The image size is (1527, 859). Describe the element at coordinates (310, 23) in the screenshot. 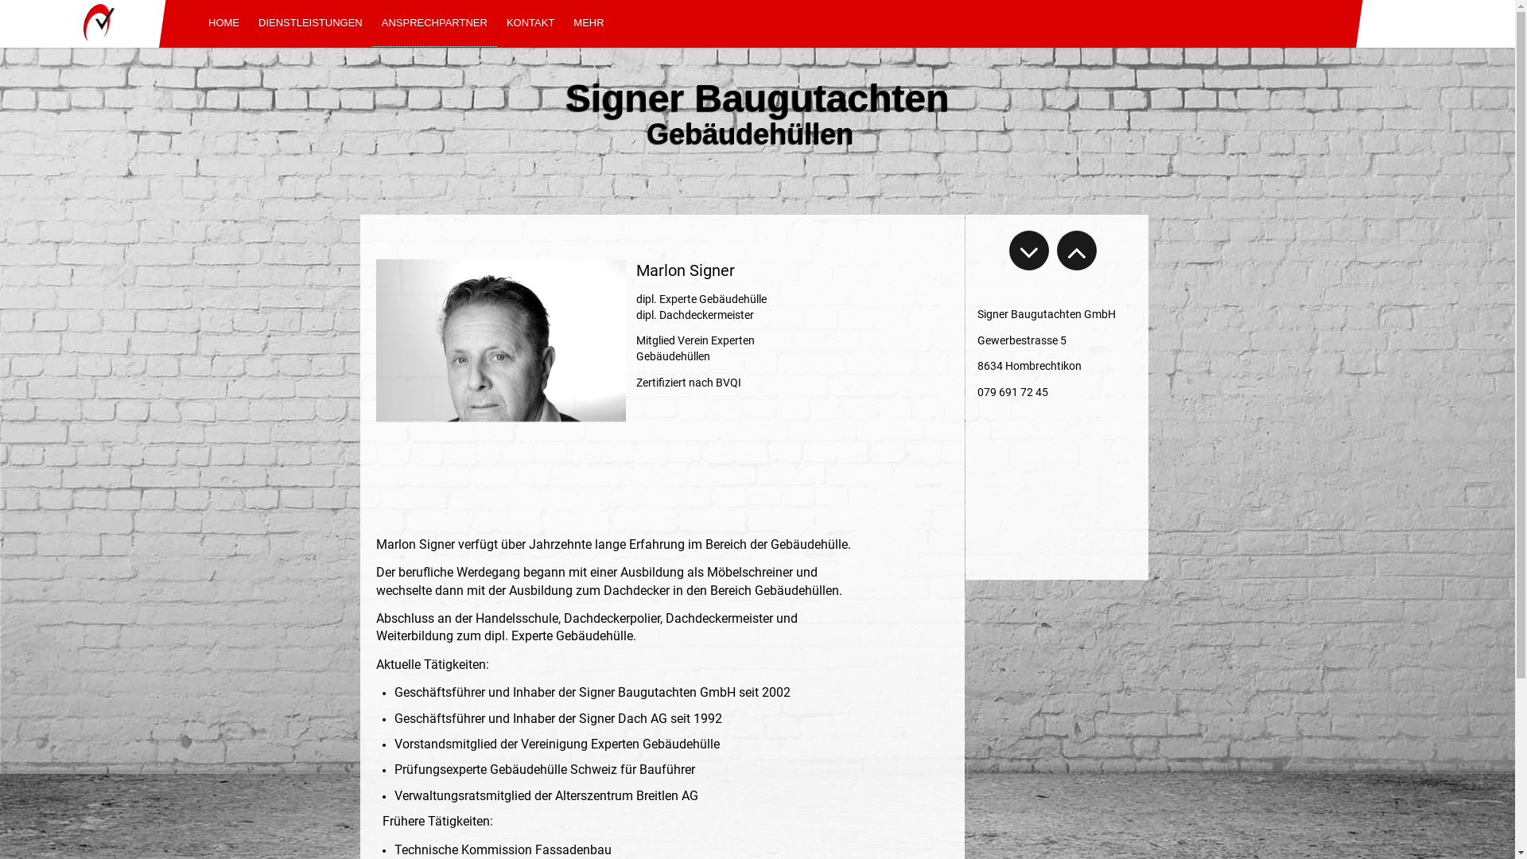

I see `'DIENSTLEISTUNGEN'` at that location.